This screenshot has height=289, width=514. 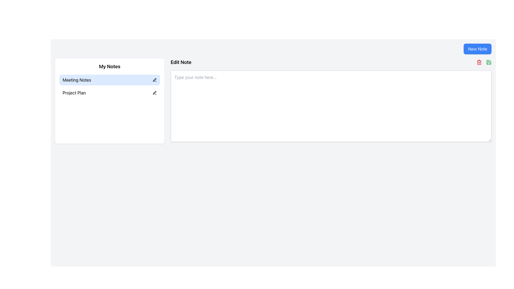 What do you see at coordinates (478, 49) in the screenshot?
I see `the 'Create New Note' button located in the top-right corner of the interface` at bounding box center [478, 49].